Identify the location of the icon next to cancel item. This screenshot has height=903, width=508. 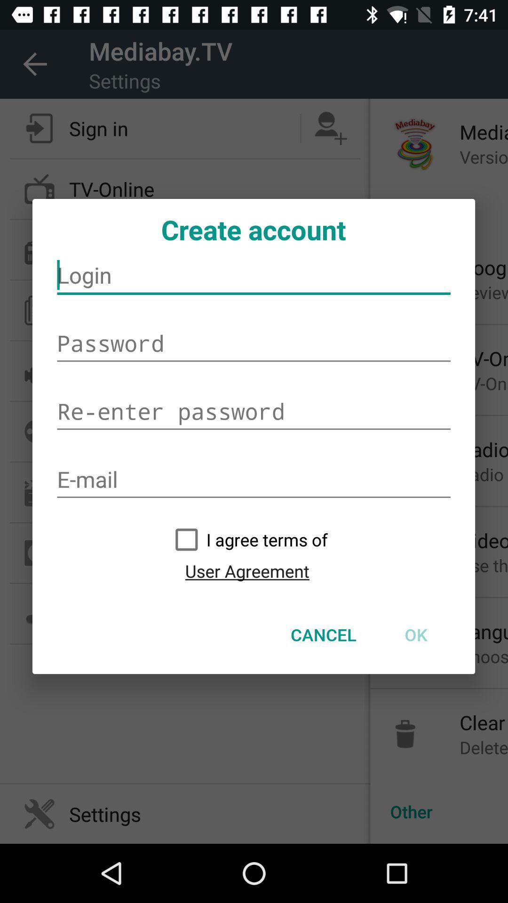
(415, 634).